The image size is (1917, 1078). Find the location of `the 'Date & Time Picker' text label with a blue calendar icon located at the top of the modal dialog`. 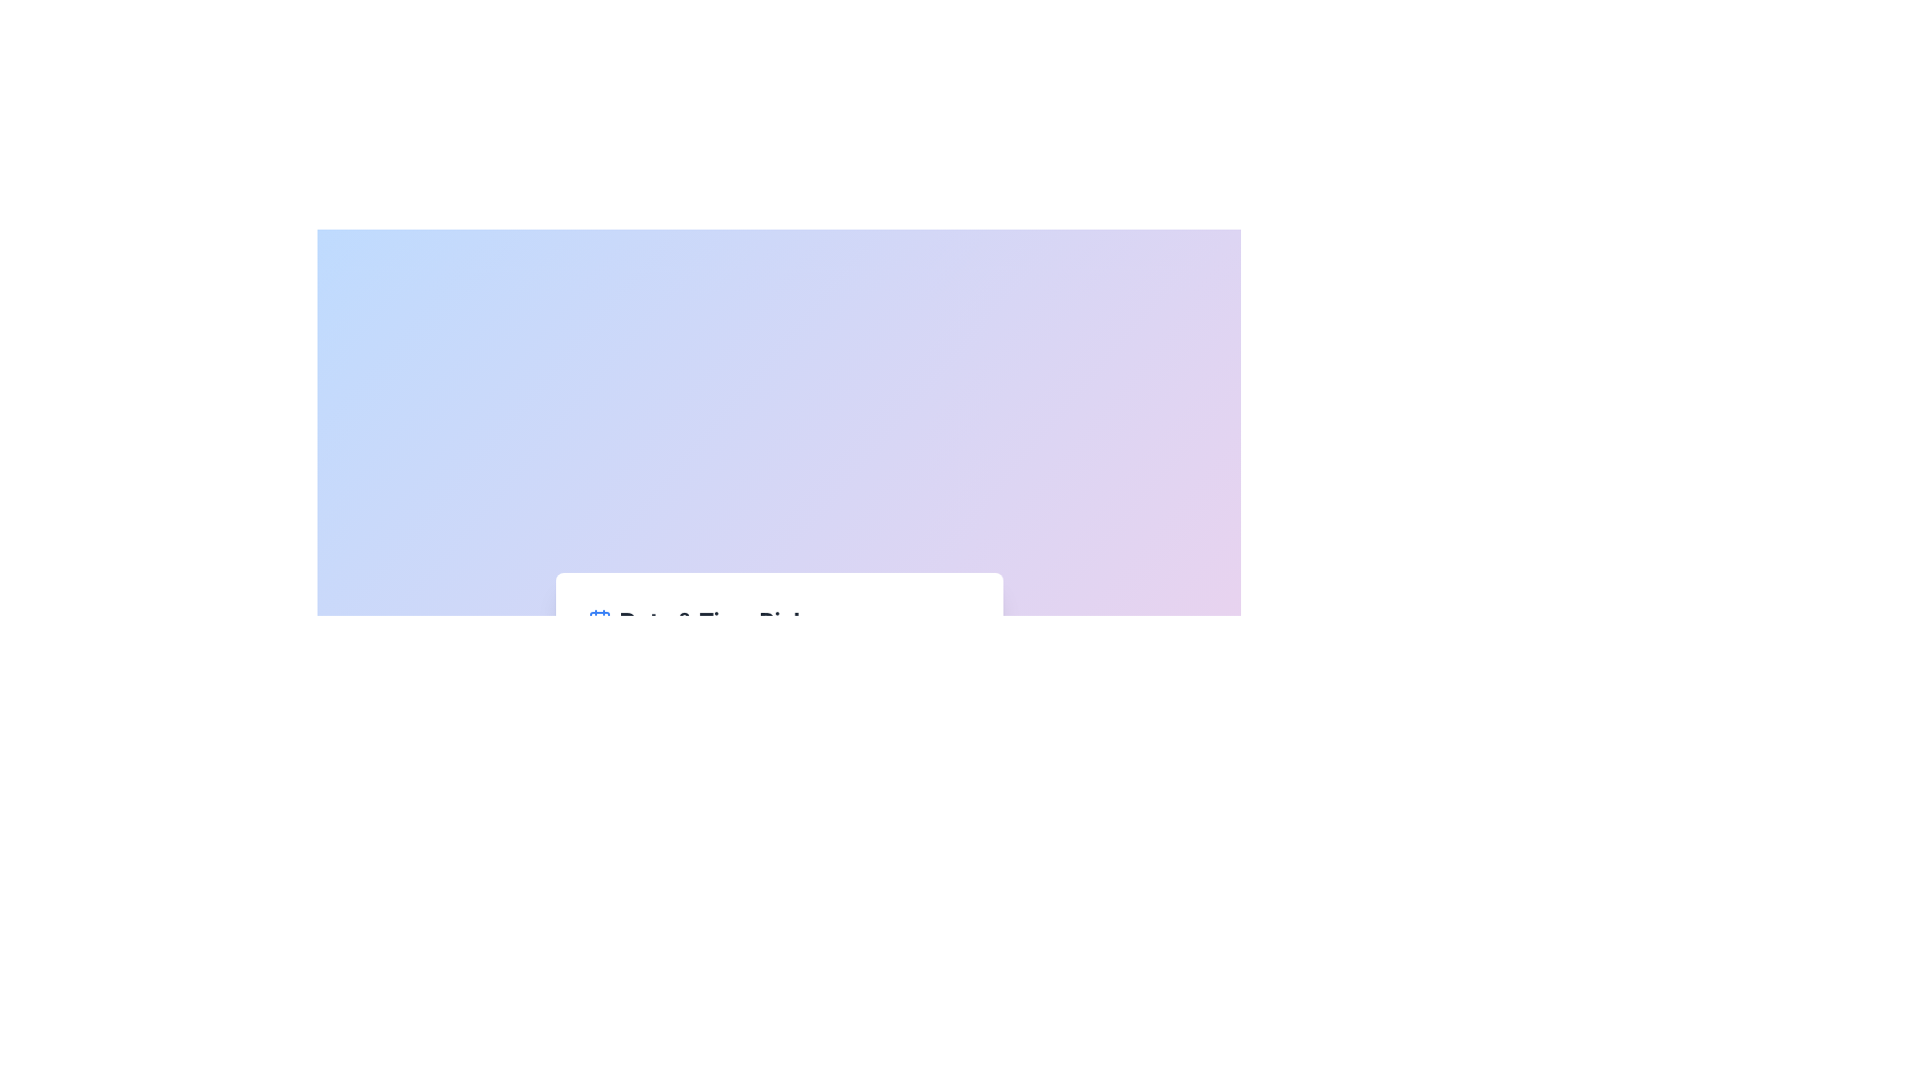

the 'Date & Time Picker' text label with a blue calendar icon located at the top of the modal dialog is located at coordinates (778, 619).